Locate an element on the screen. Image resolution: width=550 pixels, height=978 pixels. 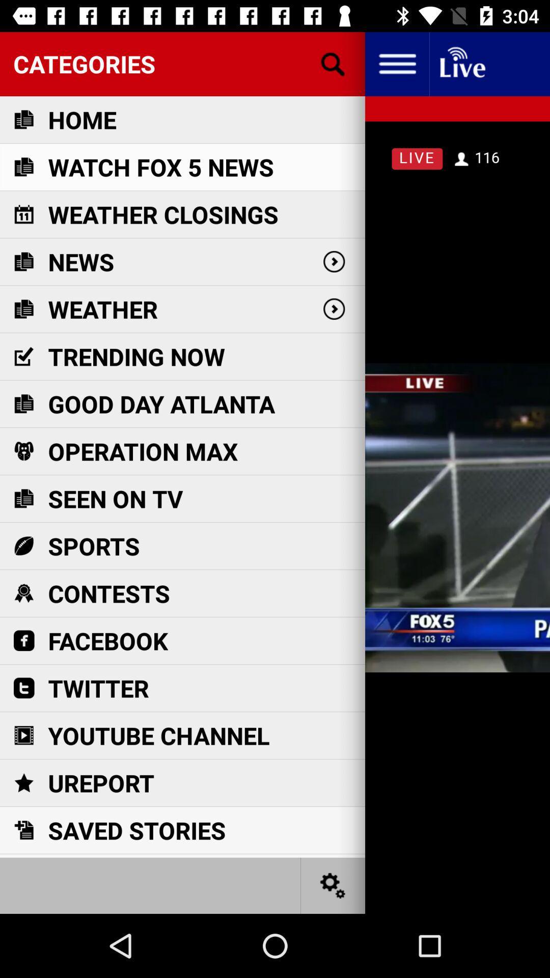
menu icon is located at coordinates (396, 63).